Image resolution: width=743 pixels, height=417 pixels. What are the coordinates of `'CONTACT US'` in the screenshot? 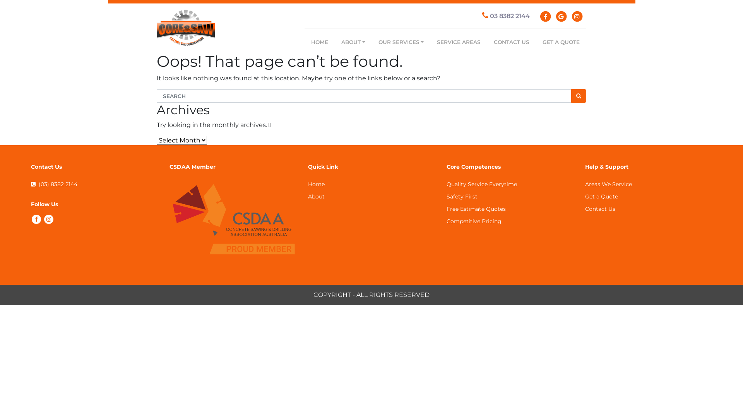 It's located at (511, 42).